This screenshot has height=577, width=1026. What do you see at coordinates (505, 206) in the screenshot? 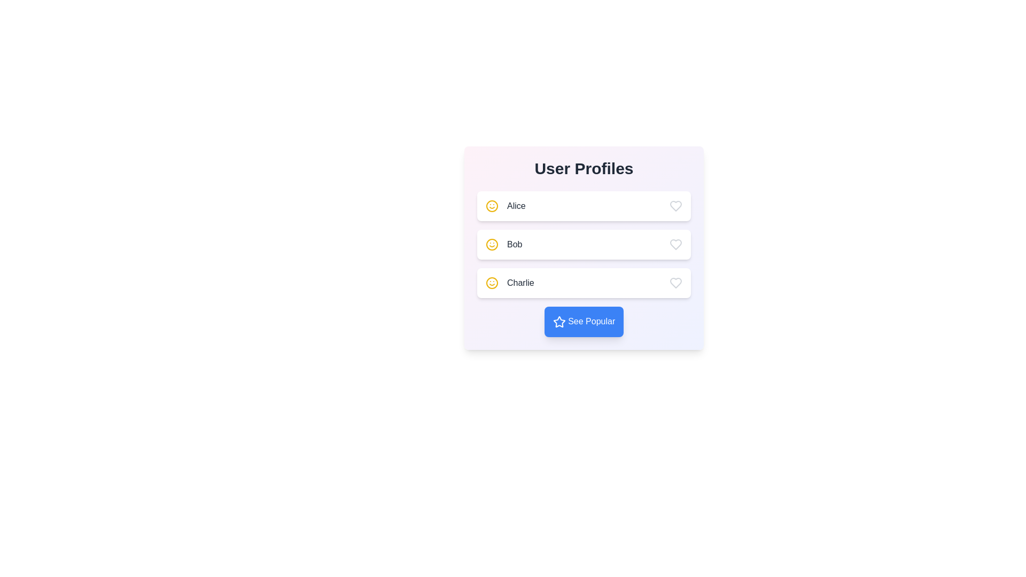
I see `the top-most user profile entry for Alice, which includes a smiling face icon` at bounding box center [505, 206].